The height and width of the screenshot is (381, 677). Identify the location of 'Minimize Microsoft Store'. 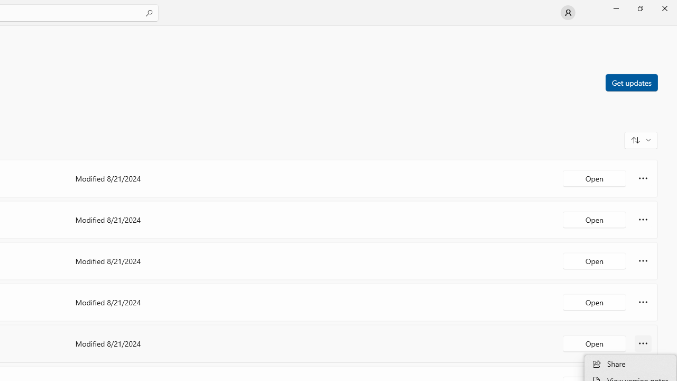
(616, 8).